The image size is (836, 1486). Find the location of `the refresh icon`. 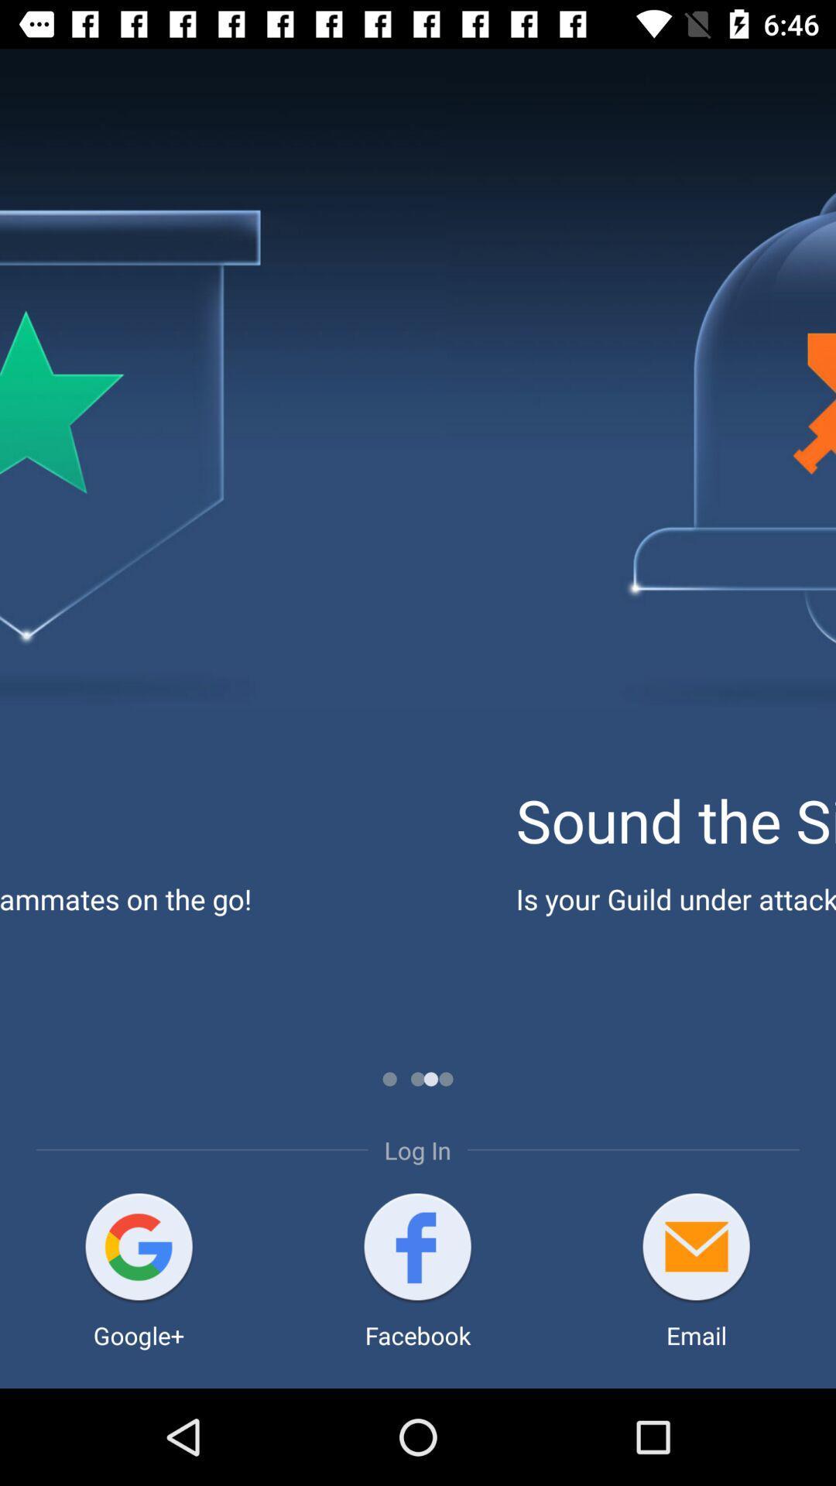

the refresh icon is located at coordinates (138, 1248).